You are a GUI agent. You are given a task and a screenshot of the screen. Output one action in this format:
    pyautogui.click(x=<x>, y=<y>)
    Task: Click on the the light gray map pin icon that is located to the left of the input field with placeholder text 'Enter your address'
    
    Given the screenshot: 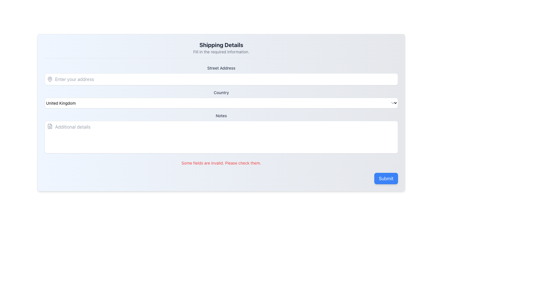 What is the action you would take?
    pyautogui.click(x=50, y=79)
    